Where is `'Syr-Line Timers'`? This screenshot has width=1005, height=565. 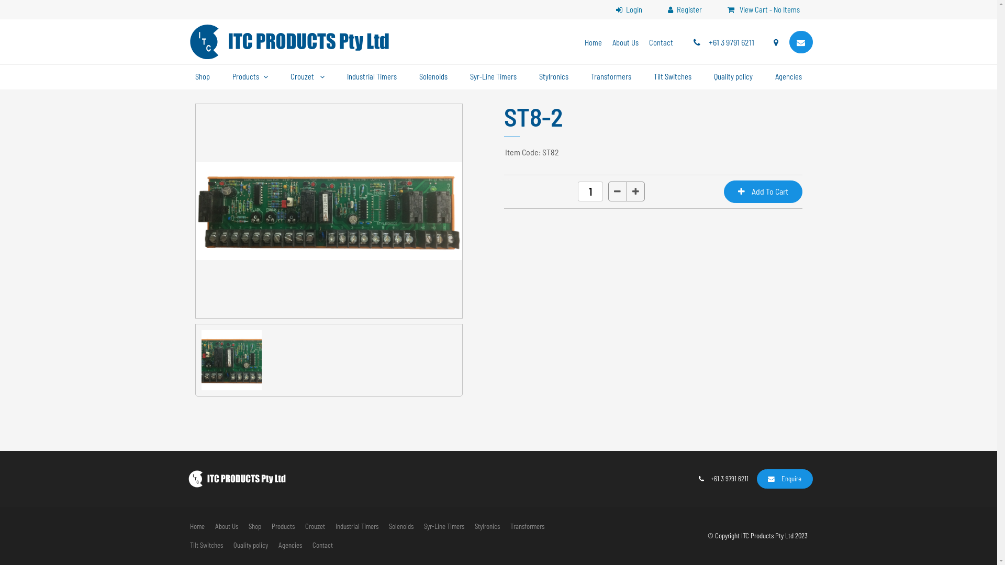 'Syr-Line Timers' is located at coordinates (444, 526).